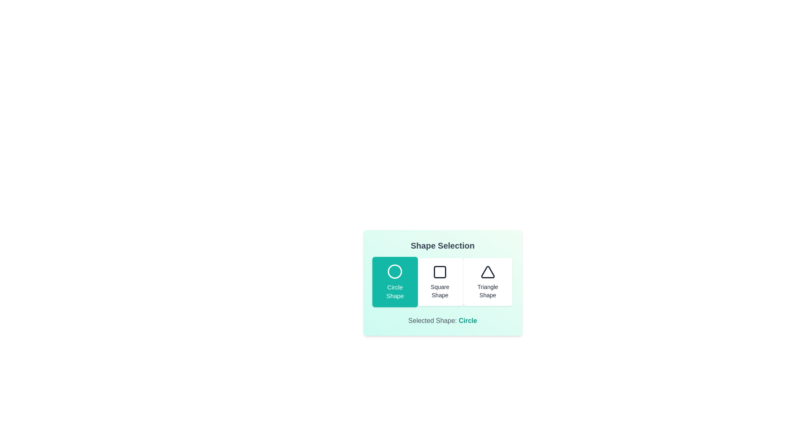 Image resolution: width=794 pixels, height=446 pixels. Describe the element at coordinates (488, 281) in the screenshot. I see `the button corresponding to the triangle shape to select it` at that location.